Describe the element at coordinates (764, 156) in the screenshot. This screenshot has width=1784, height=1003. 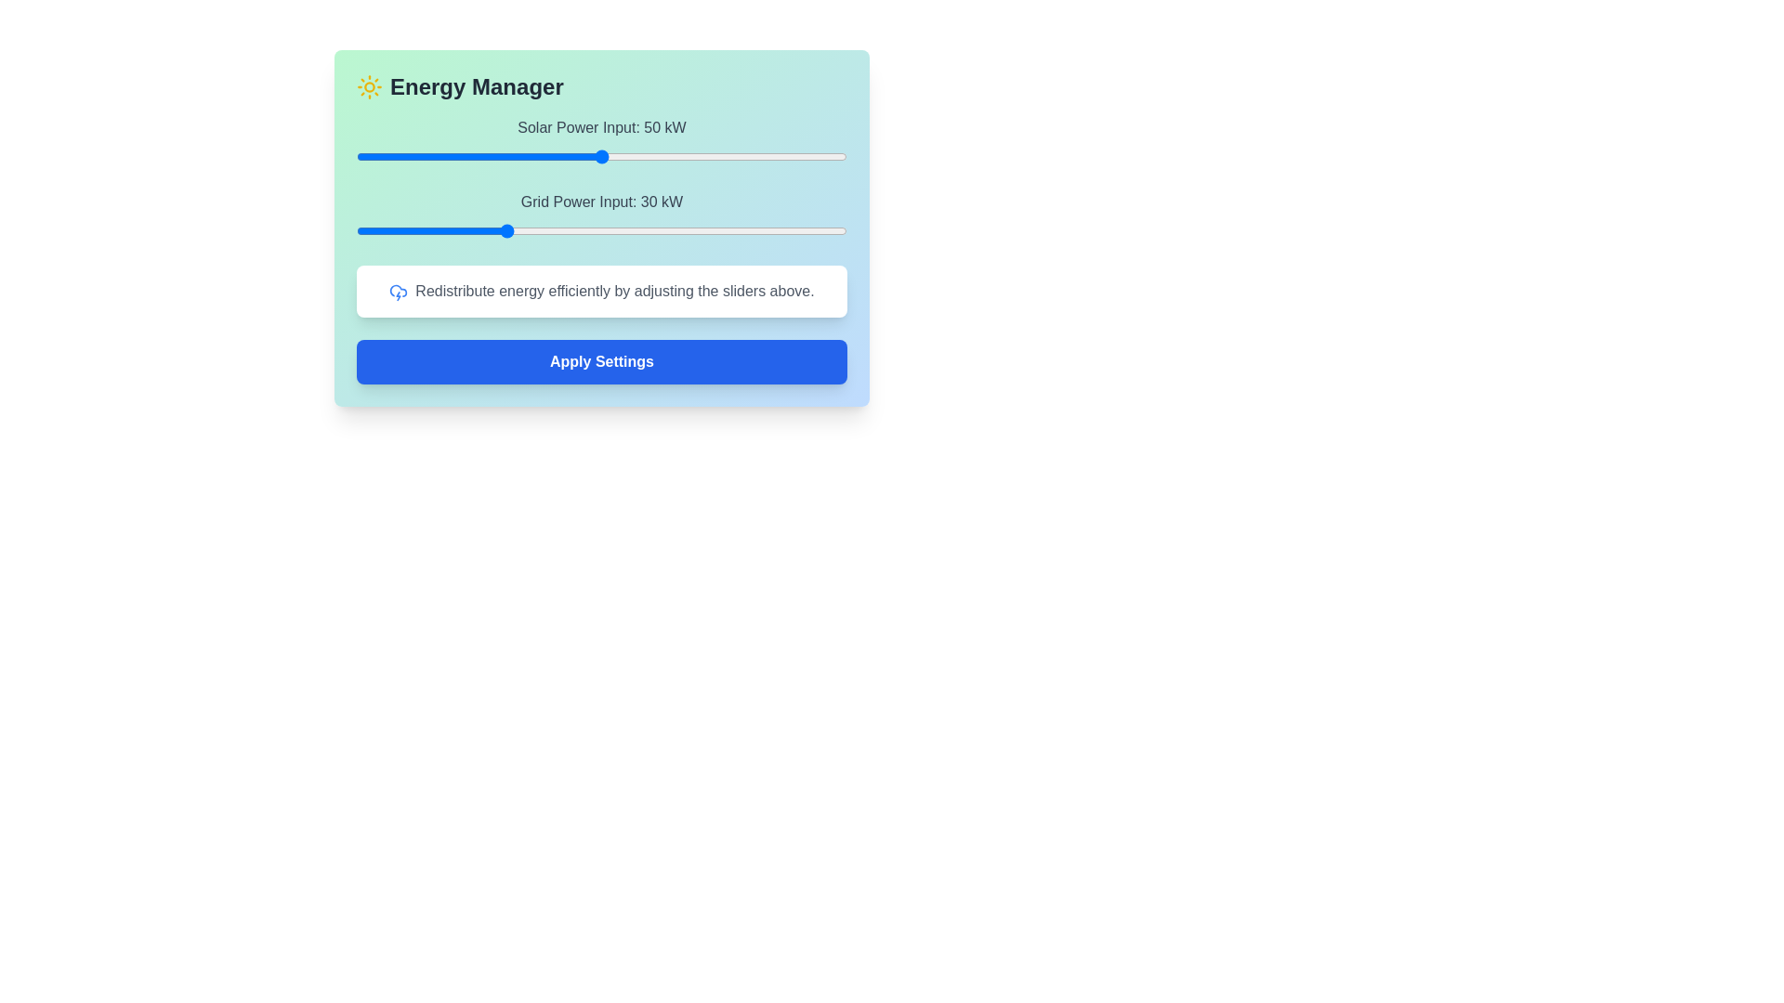
I see `the Solar Power Input slider to 83 kW` at that location.